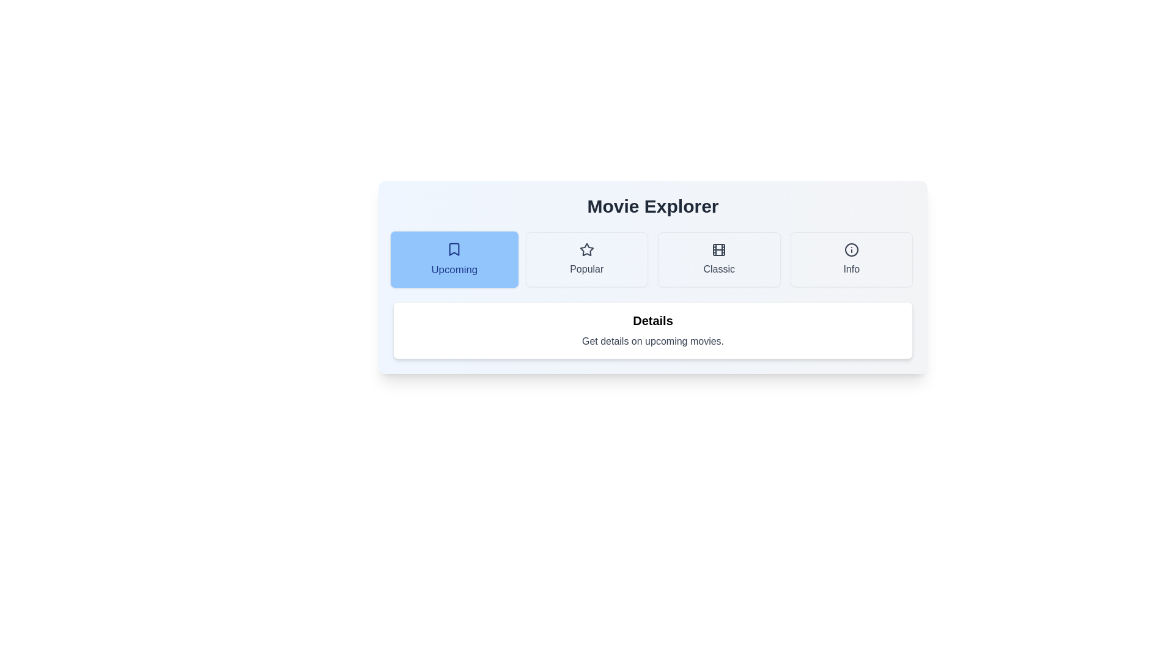 This screenshot has height=660, width=1174. Describe the element at coordinates (652, 342) in the screenshot. I see `the static text element providing additional contextual information about upcoming movies, located below the 'Details' heading` at that location.